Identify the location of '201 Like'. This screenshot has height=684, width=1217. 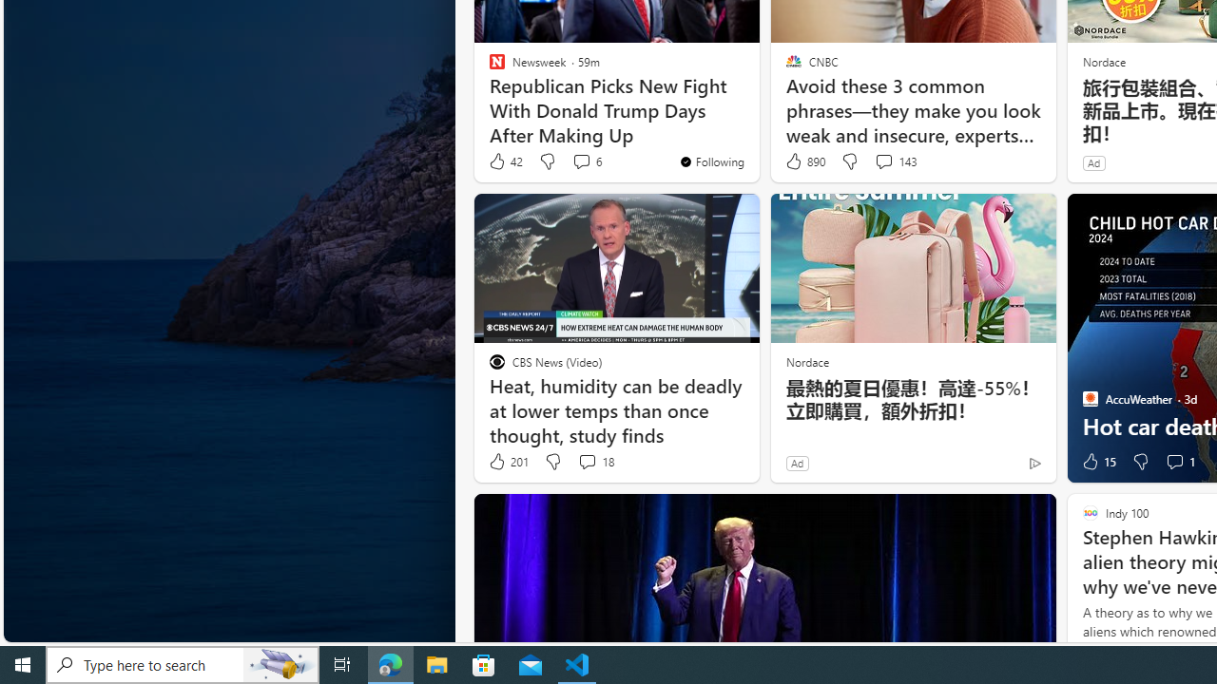
(508, 462).